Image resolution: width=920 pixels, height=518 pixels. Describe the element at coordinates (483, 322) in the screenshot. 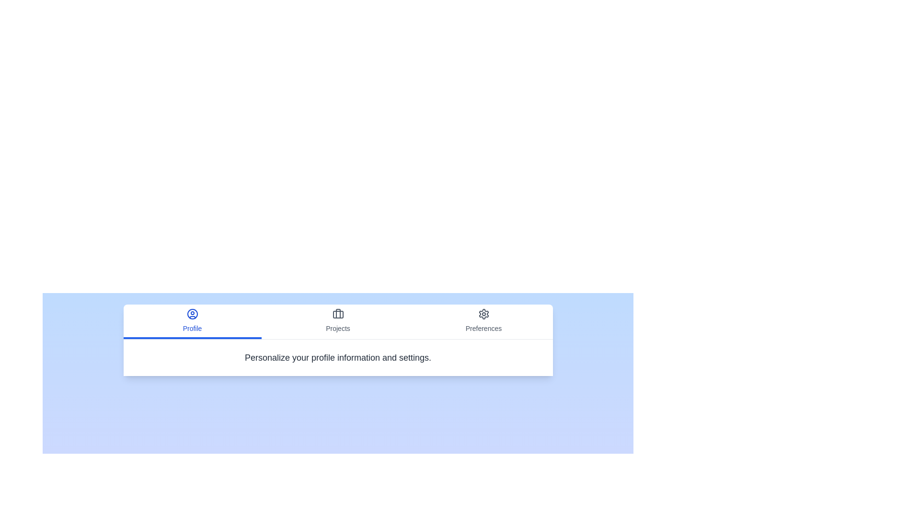

I see `the tab labeled Preferences` at that location.